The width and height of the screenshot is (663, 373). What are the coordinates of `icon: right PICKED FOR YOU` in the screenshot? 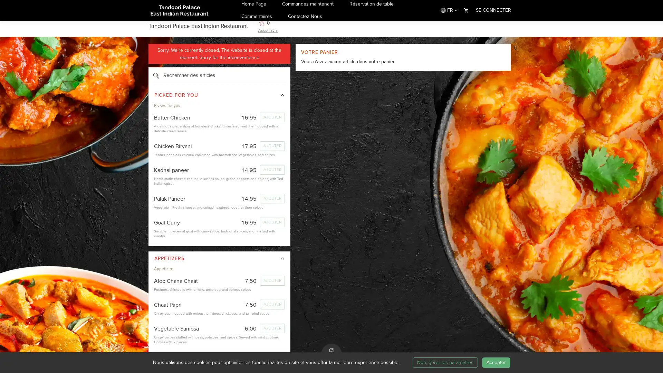 It's located at (219, 95).